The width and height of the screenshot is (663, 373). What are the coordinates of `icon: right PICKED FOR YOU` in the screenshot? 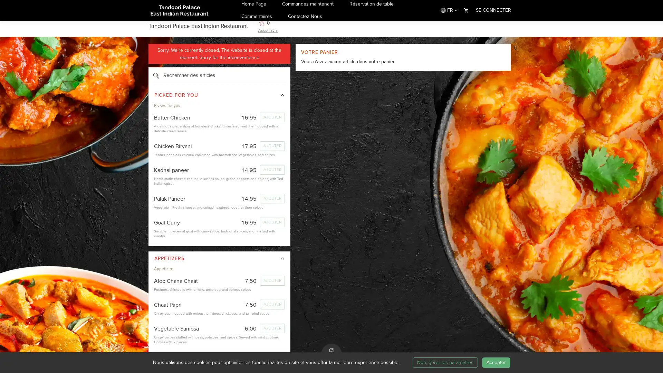 It's located at (219, 95).